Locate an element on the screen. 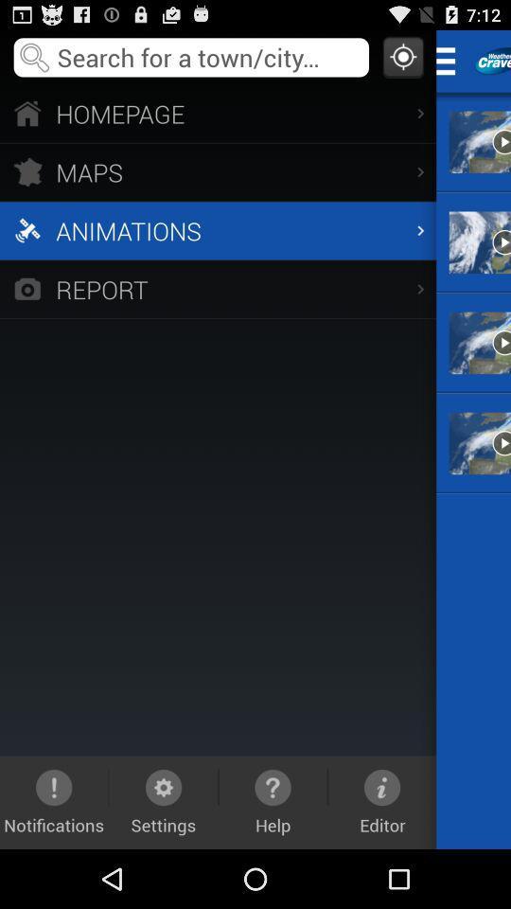 The height and width of the screenshot is (909, 511). expand menu is located at coordinates (450, 61).